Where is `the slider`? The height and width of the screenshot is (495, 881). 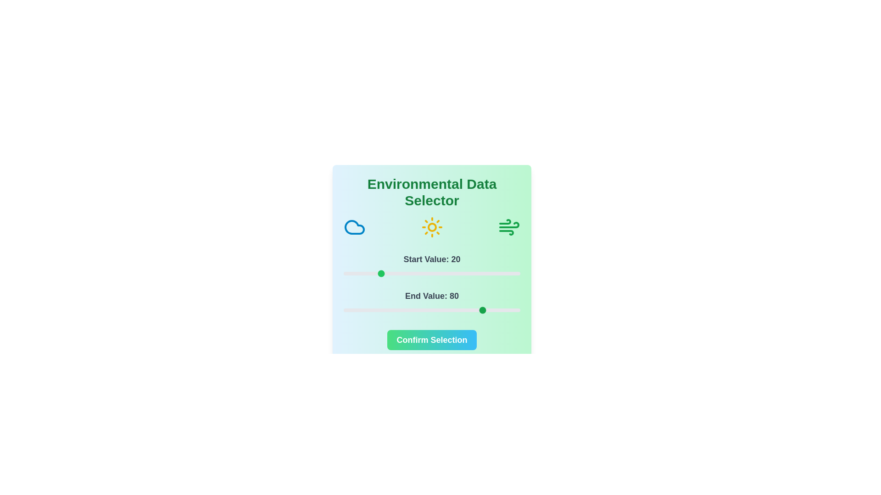
the slider is located at coordinates (474, 310).